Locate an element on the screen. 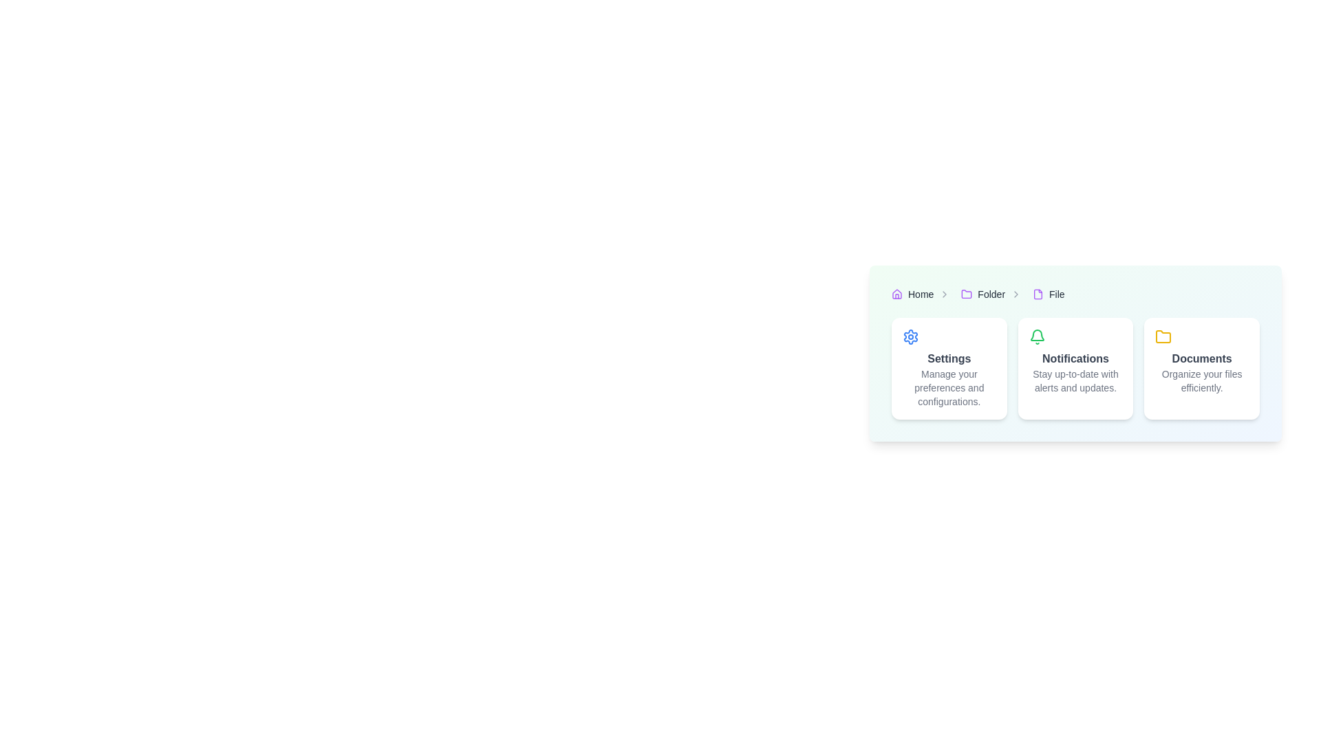 The image size is (1321, 743). the text label displaying 'Stay up-to-date with alerts and updates.' located below the 'Notifications' title in the second card of three horizontally aligned cards is located at coordinates (1075, 381).